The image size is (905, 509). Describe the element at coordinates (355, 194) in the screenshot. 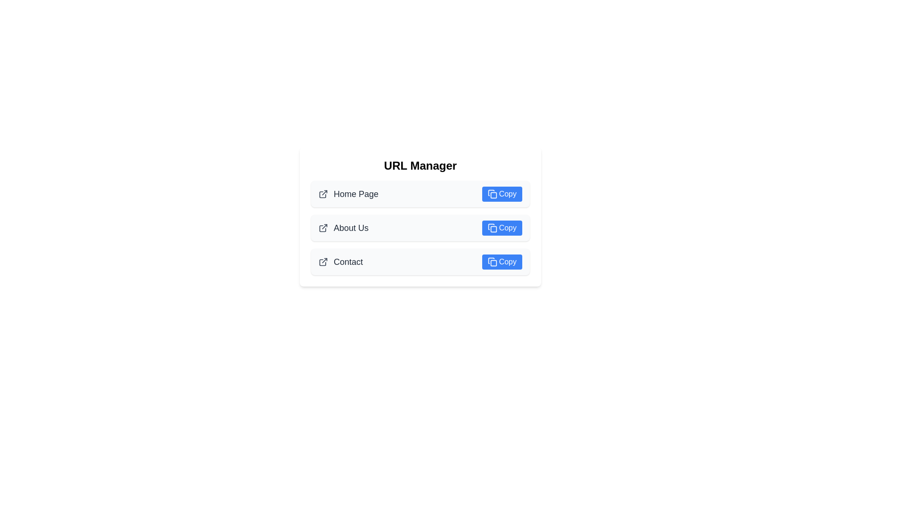

I see `text of the 'Home Page' label, which is a large dark gray text label aligned in a vertically stacked list of links` at that location.